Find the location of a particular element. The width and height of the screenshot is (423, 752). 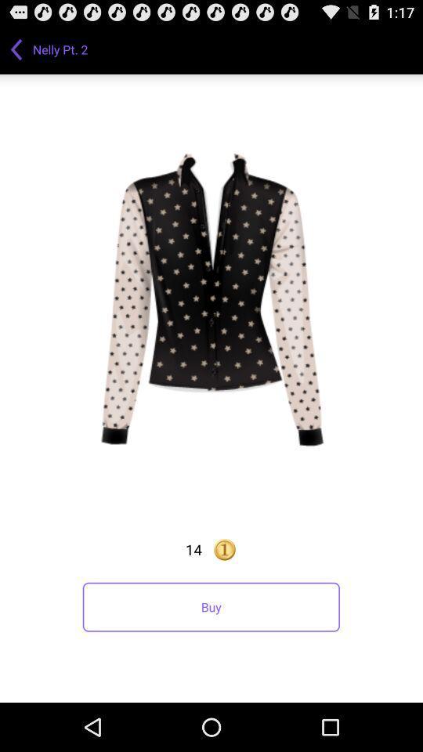

the buy is located at coordinates (211, 606).